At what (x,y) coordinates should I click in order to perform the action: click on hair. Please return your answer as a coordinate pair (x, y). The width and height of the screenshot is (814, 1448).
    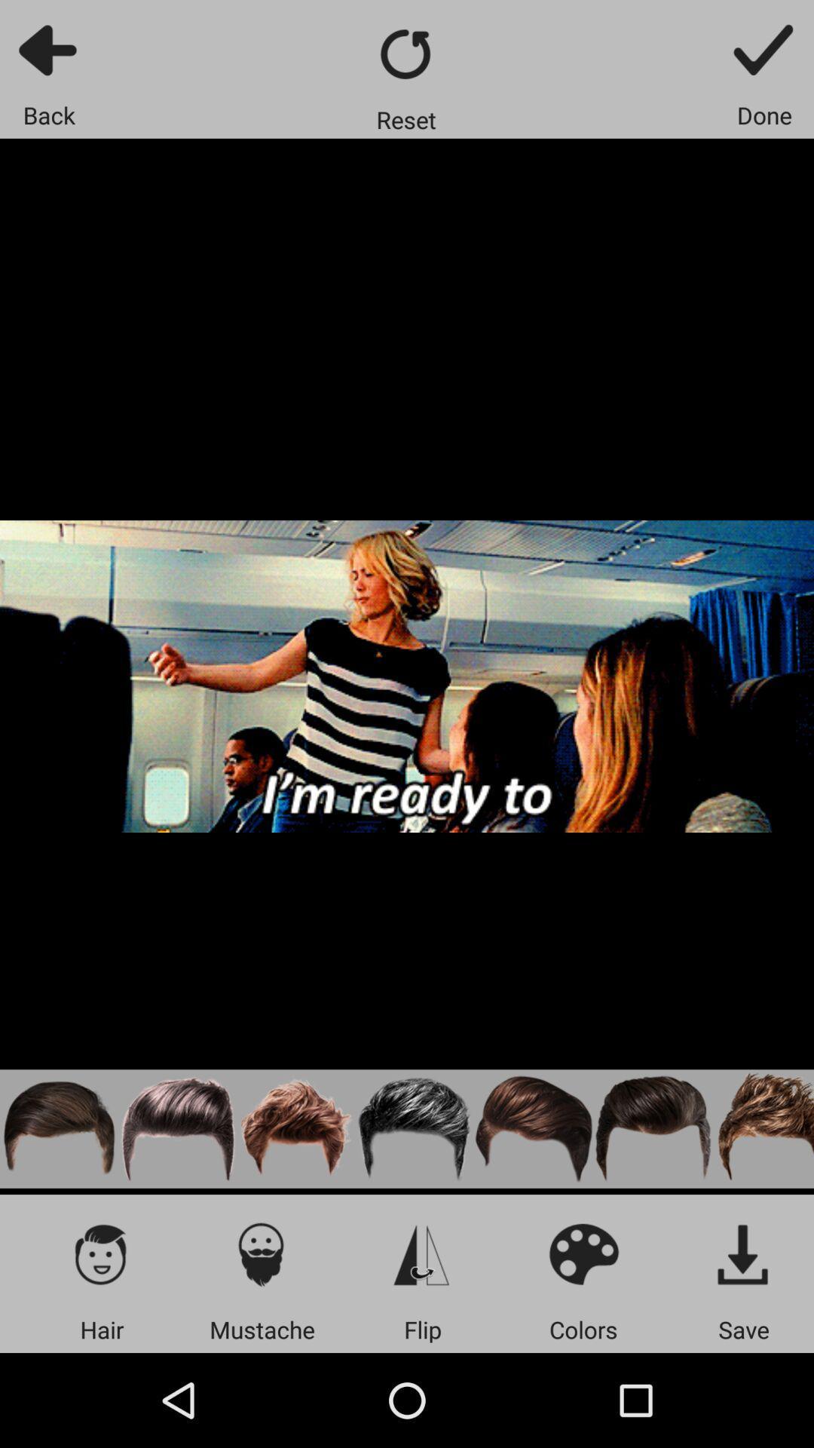
    Looking at the image, I should click on (533, 1129).